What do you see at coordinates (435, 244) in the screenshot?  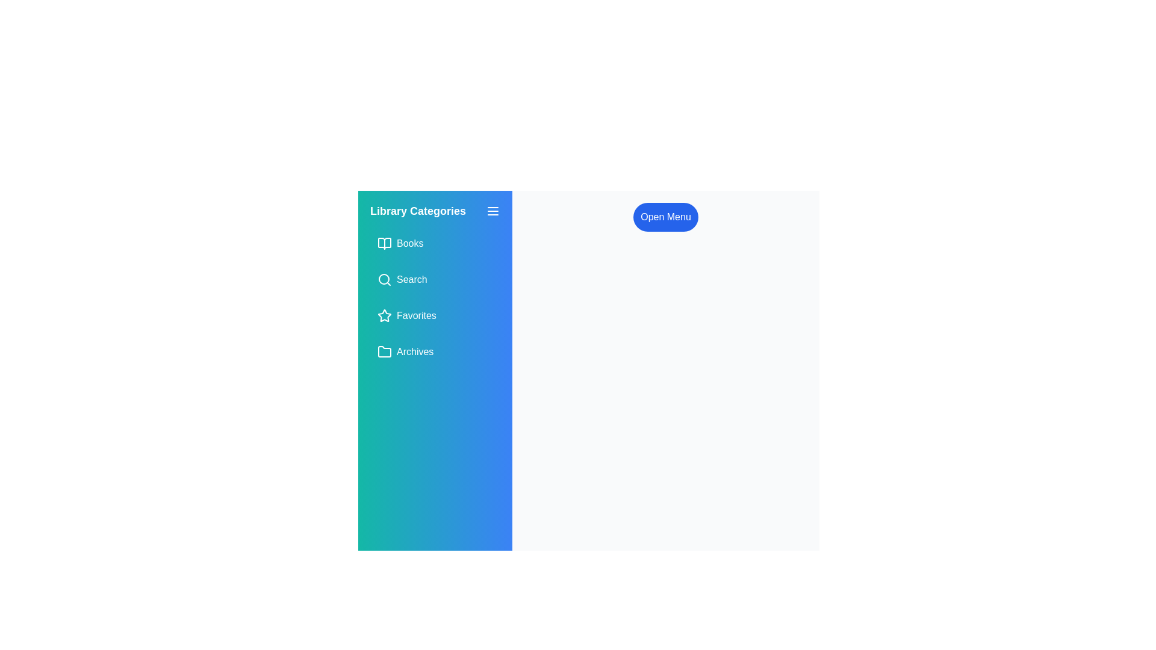 I see `the 'Books' button in the sidebar menu` at bounding box center [435, 244].